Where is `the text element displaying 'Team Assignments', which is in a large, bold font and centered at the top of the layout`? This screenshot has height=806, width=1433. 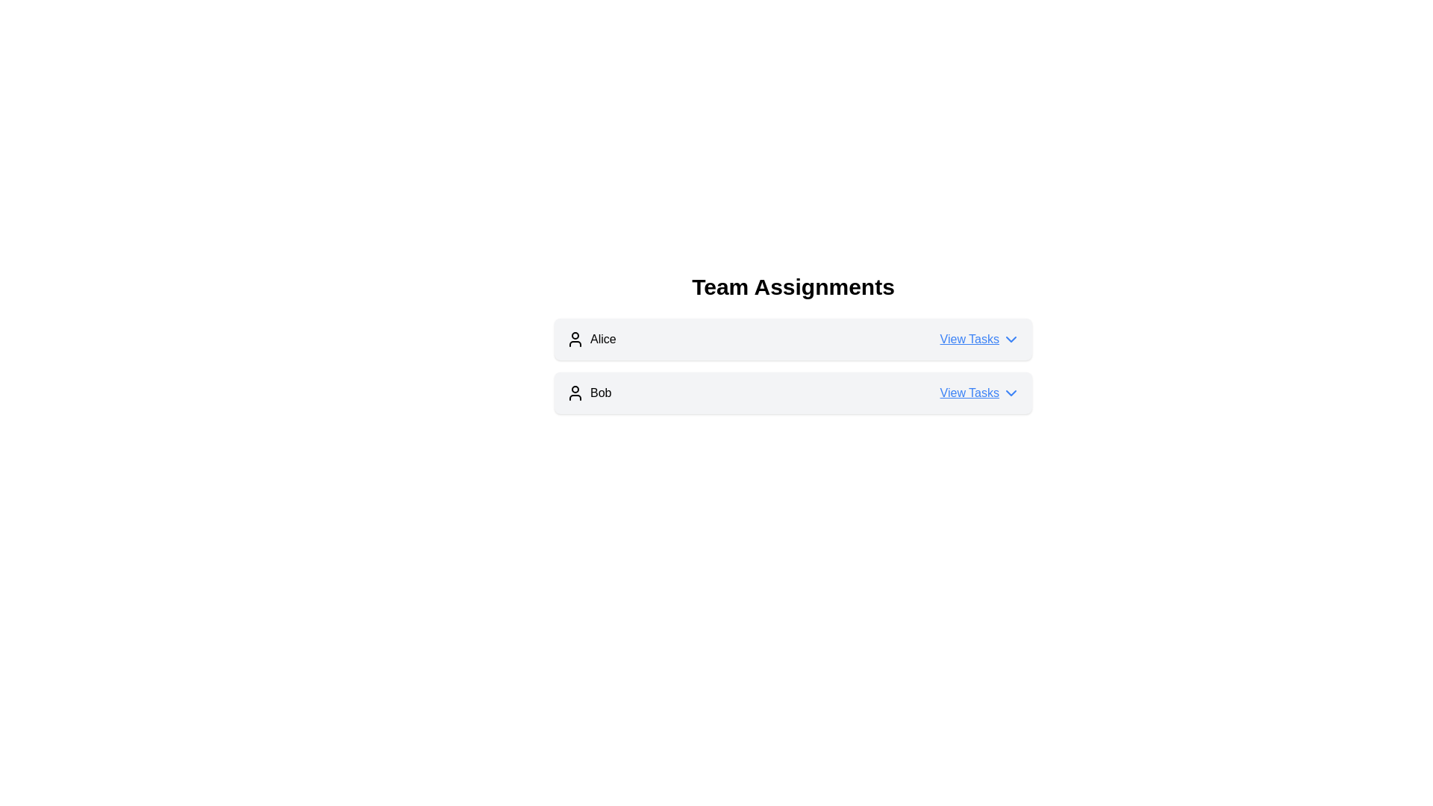
the text element displaying 'Team Assignments', which is in a large, bold font and centered at the top of the layout is located at coordinates (792, 287).